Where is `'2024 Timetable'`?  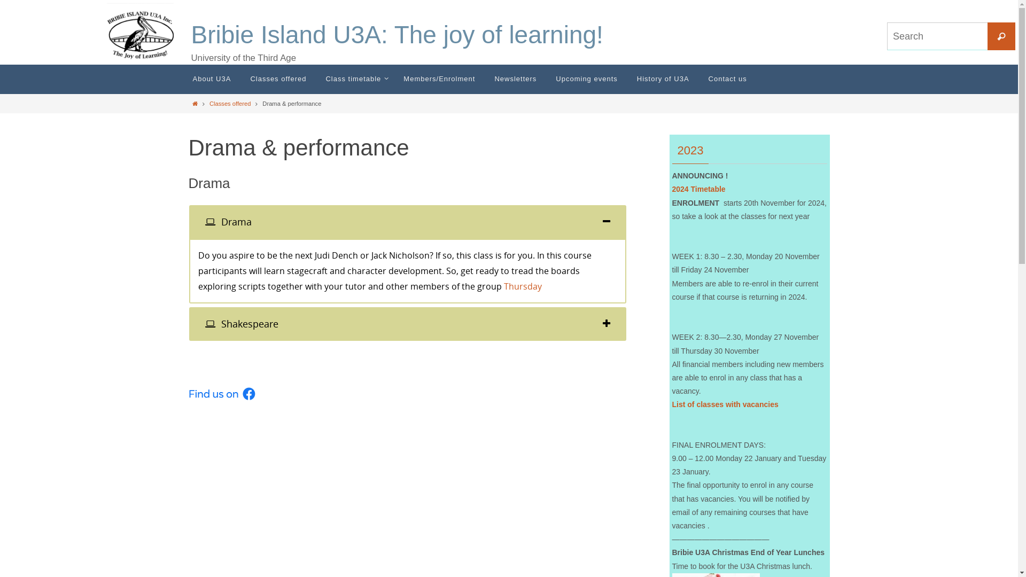
'2024 Timetable' is located at coordinates (698, 189).